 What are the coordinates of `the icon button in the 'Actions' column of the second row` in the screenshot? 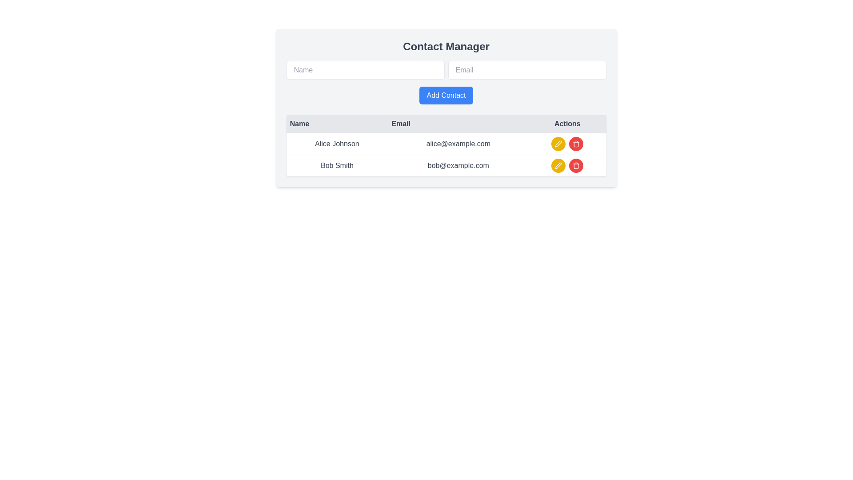 It's located at (558, 144).